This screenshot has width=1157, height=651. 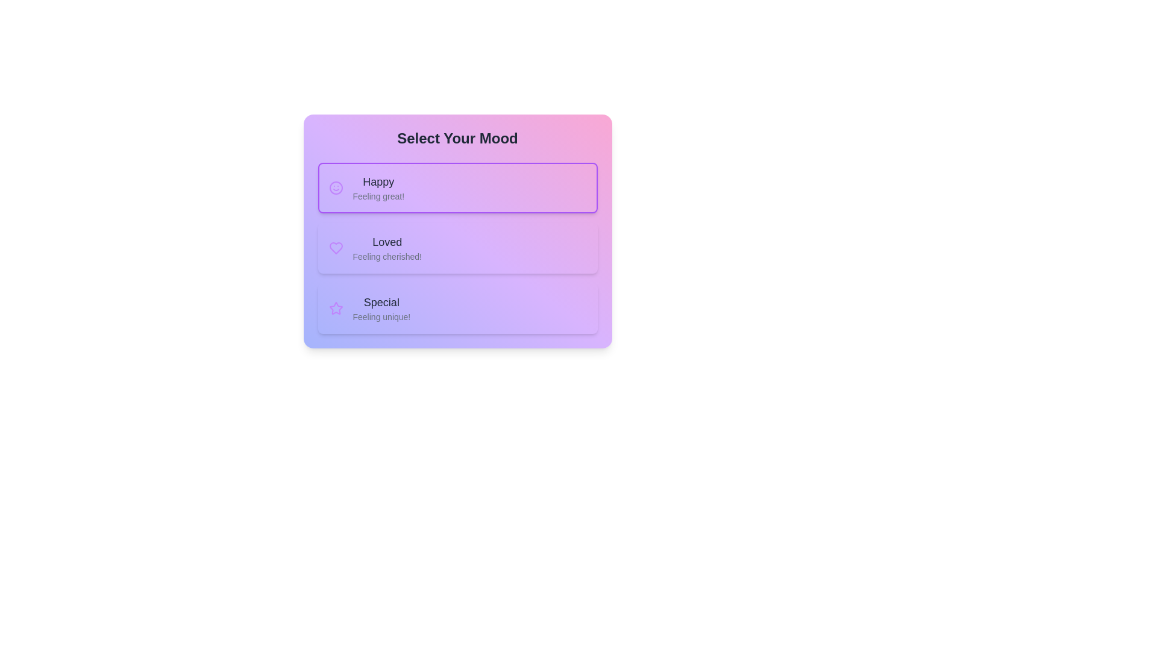 I want to click on the 'Loved' mood selection option, which is the second item in a vertically stacked list of mood options, so click(x=457, y=248).